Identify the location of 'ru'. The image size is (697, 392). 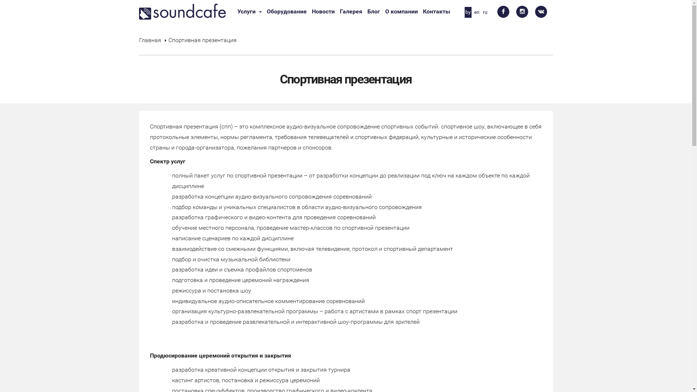
(482, 12).